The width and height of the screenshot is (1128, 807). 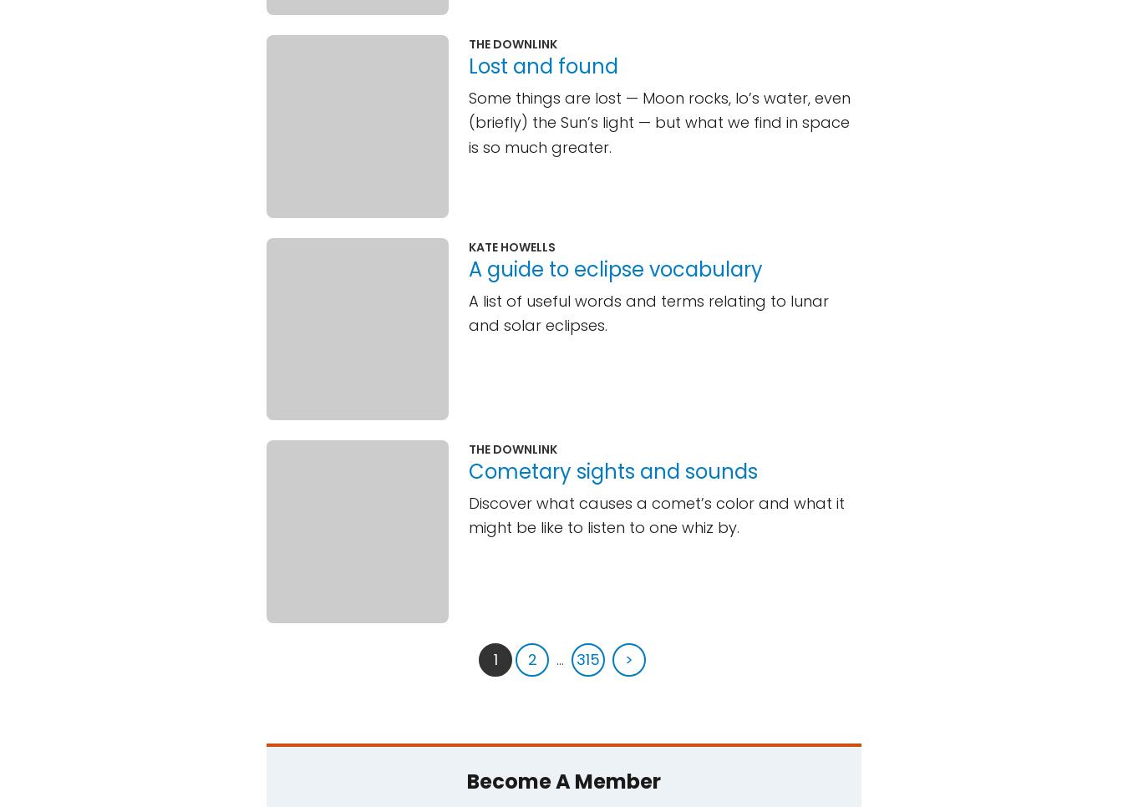 What do you see at coordinates (468, 268) in the screenshot?
I see `'A guide to eclipse vocabulary'` at bounding box center [468, 268].